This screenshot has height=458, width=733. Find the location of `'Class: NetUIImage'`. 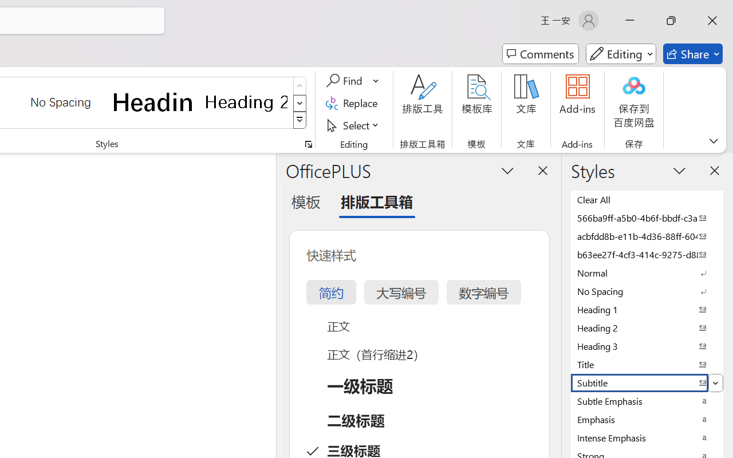

'Class: NetUIImage' is located at coordinates (300, 120).